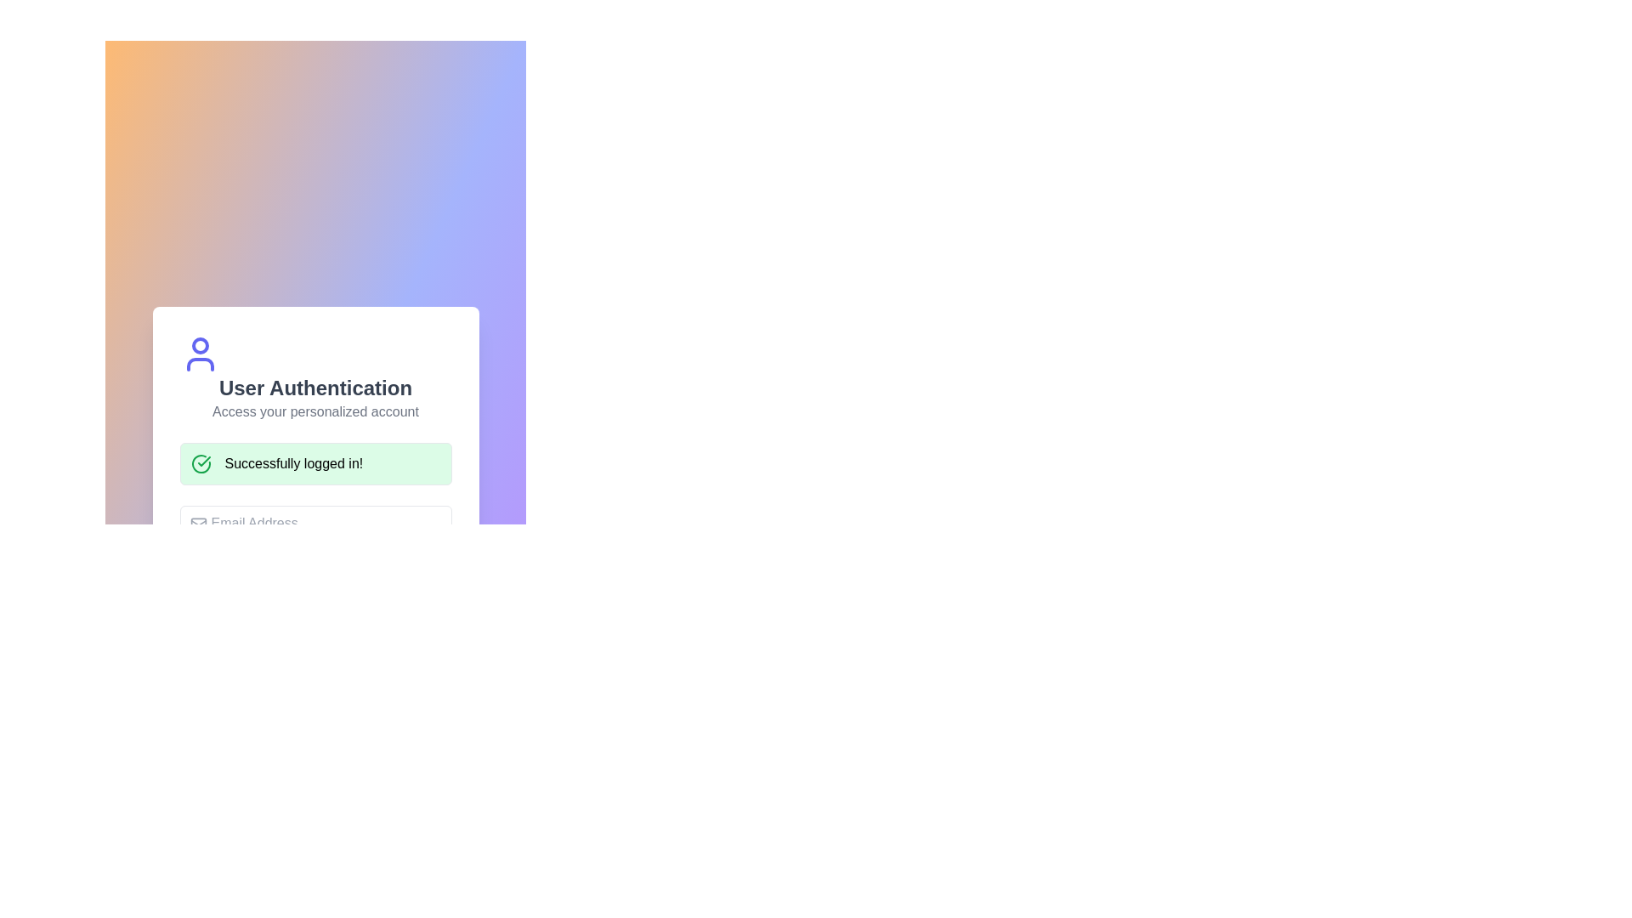  What do you see at coordinates (198, 522) in the screenshot?
I see `the small triangular-shaped graphical part of the envelope icon located near the top-left corner inside the email input field` at bounding box center [198, 522].